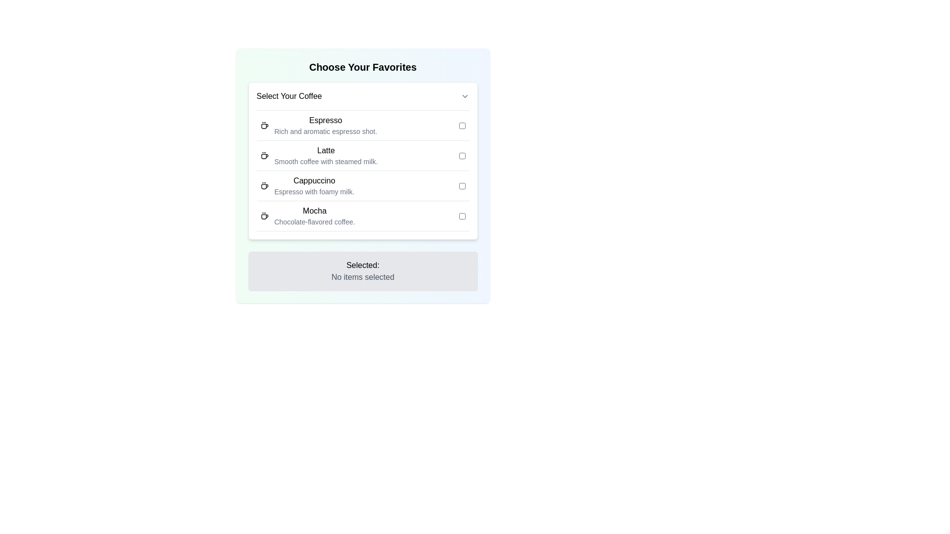  Describe the element at coordinates (326, 131) in the screenshot. I see `the static text label that reads 'Rich and aromatic espresso shot.' located below the 'Espresso' title in the 'Choose Your Favorites' section` at that location.